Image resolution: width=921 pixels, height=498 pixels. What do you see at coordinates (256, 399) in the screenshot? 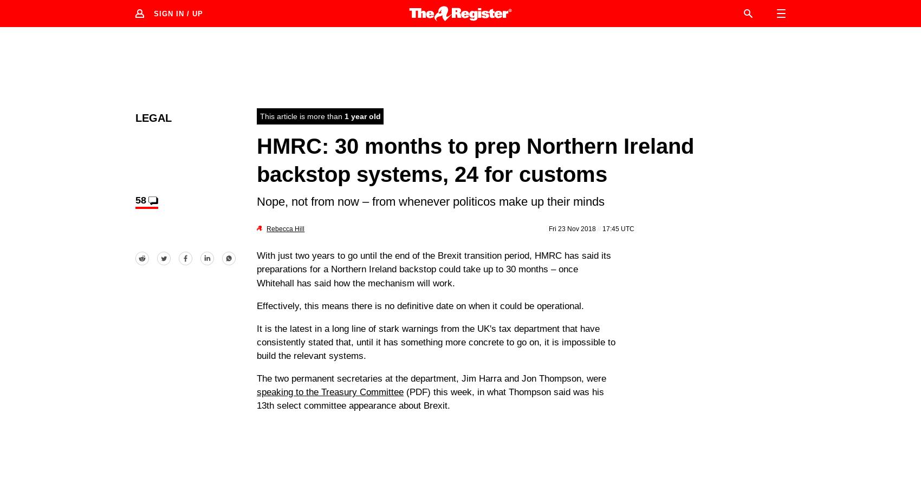
I see `'(PDF) this week, in what Thompson said was his 13th select committee appearance about Brexit.'` at bounding box center [256, 399].